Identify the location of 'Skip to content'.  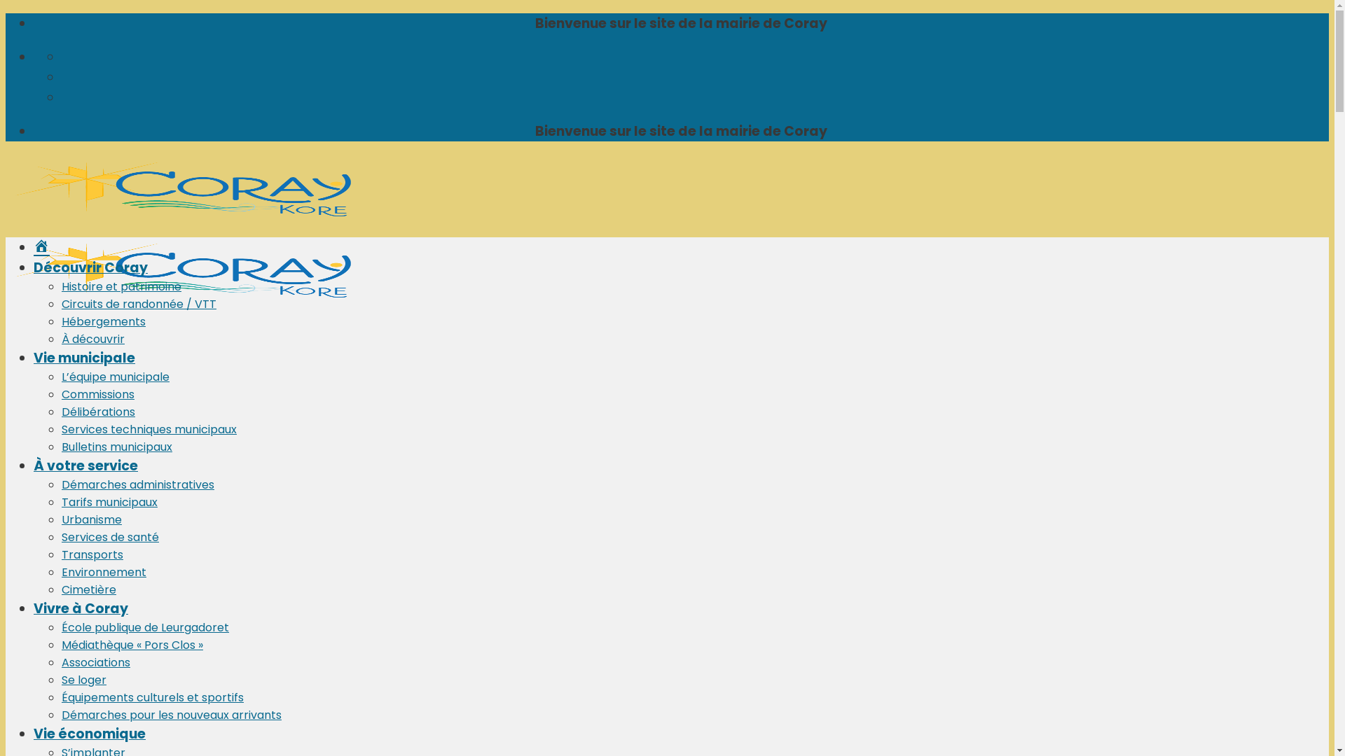
(5, 13).